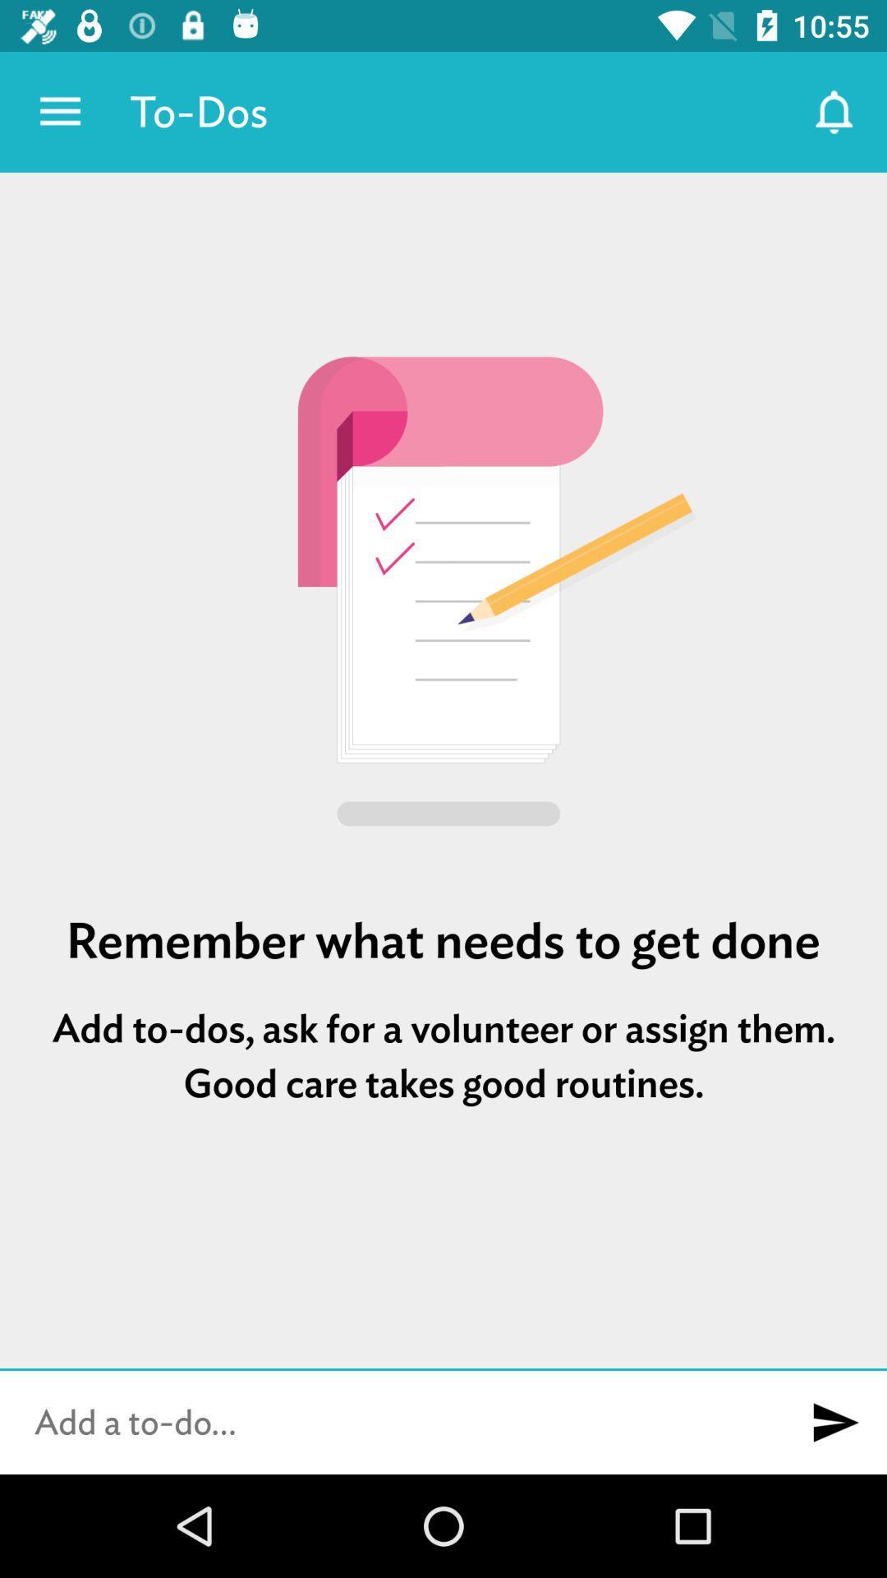  What do you see at coordinates (835, 1422) in the screenshot?
I see `the send icon` at bounding box center [835, 1422].